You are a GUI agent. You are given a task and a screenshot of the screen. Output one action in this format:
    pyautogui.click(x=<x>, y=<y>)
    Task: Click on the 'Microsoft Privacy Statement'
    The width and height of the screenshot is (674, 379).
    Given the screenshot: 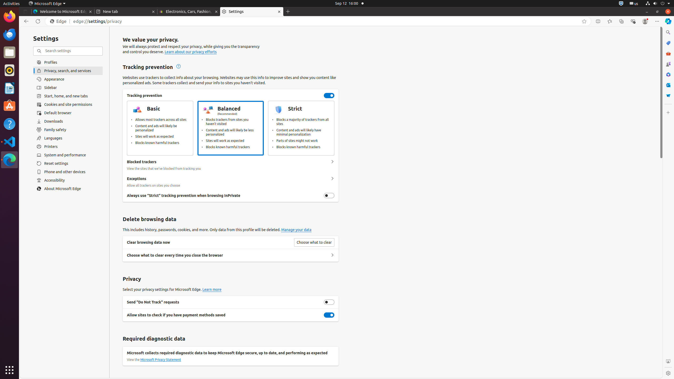 What is the action you would take?
    pyautogui.click(x=161, y=360)
    